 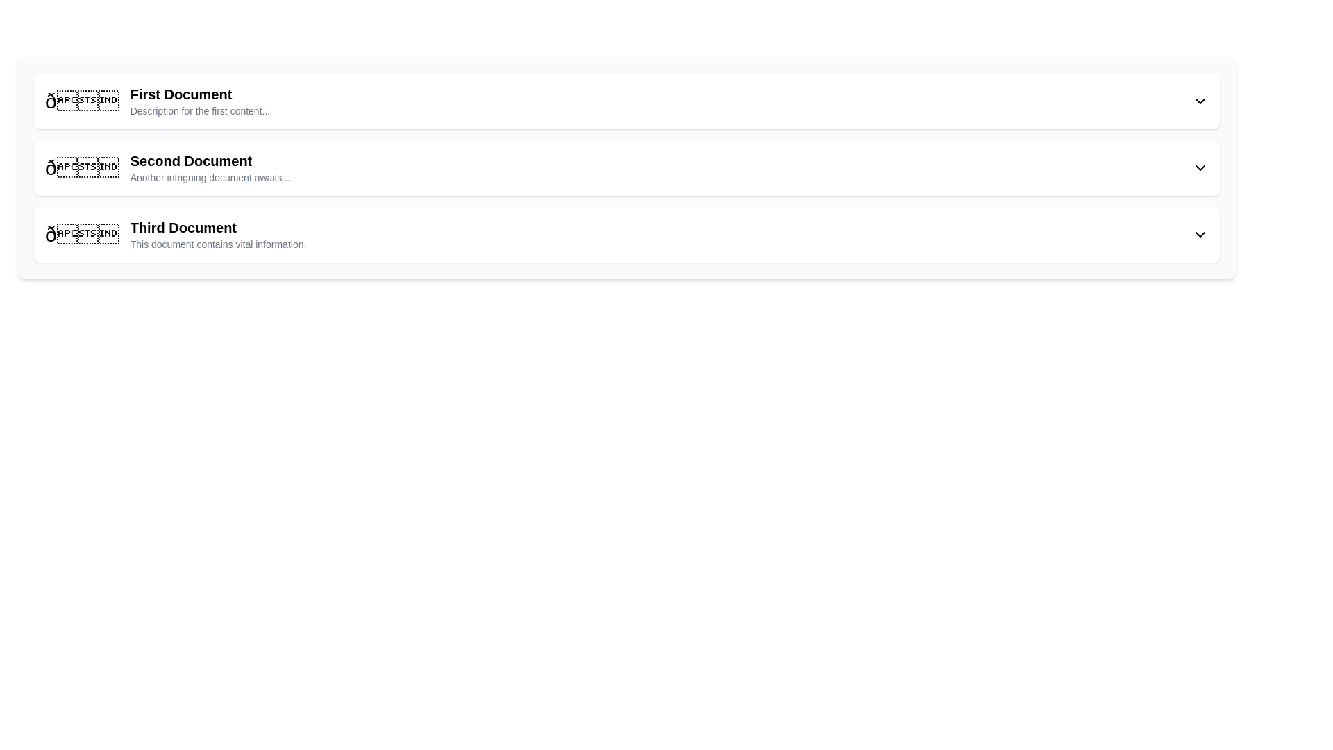 I want to click on the second card in the vertical navigation that displays detailed content about 'Second Document', so click(x=626, y=167).